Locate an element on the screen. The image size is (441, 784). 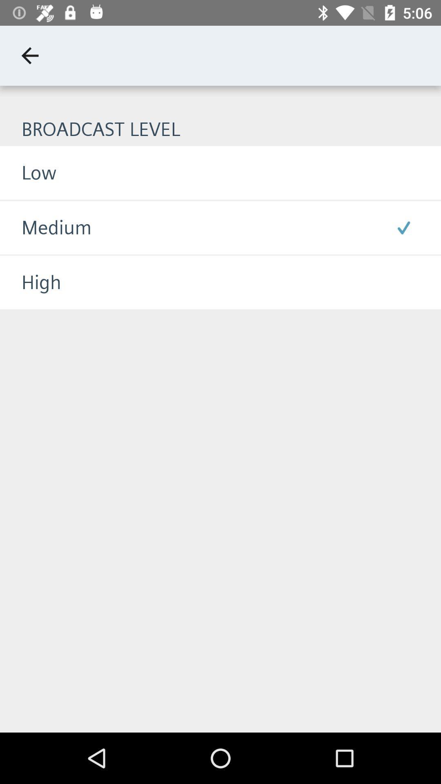
icon below medium icon is located at coordinates (30, 282).